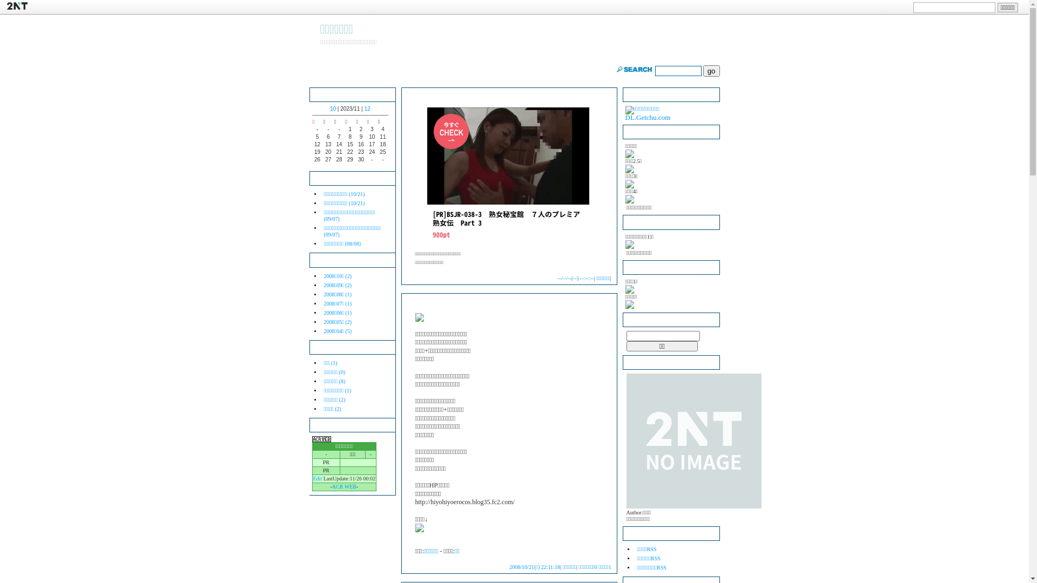 The width and height of the screenshot is (1037, 583). Describe the element at coordinates (313, 478) in the screenshot. I see `'Edit'` at that location.